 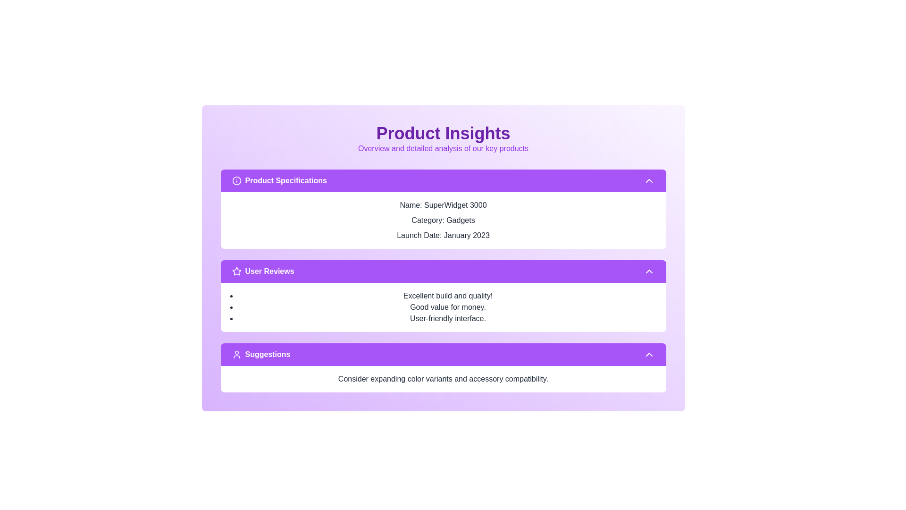 I want to click on the first review comment text in the 'User Reviews' section, which is located below 'Product Specifications' and above 'Suggestions', so click(x=447, y=296).